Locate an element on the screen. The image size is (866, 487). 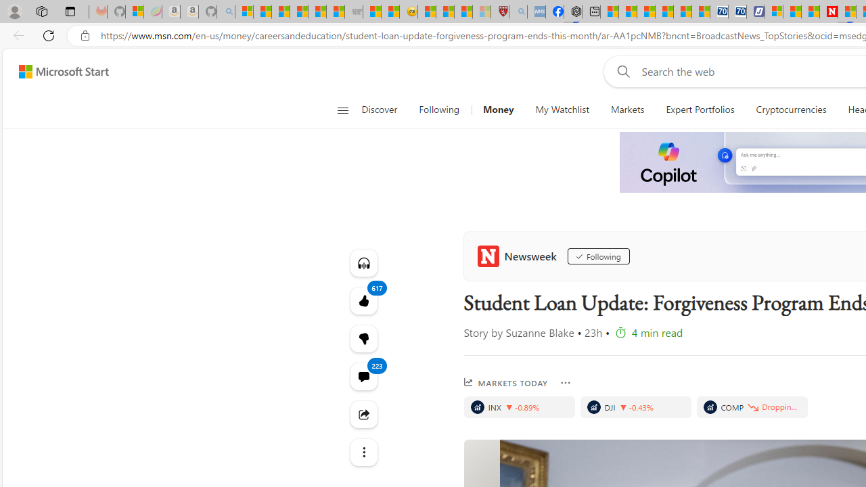
'The Weather Channel - MSN' is located at coordinates (279, 11).